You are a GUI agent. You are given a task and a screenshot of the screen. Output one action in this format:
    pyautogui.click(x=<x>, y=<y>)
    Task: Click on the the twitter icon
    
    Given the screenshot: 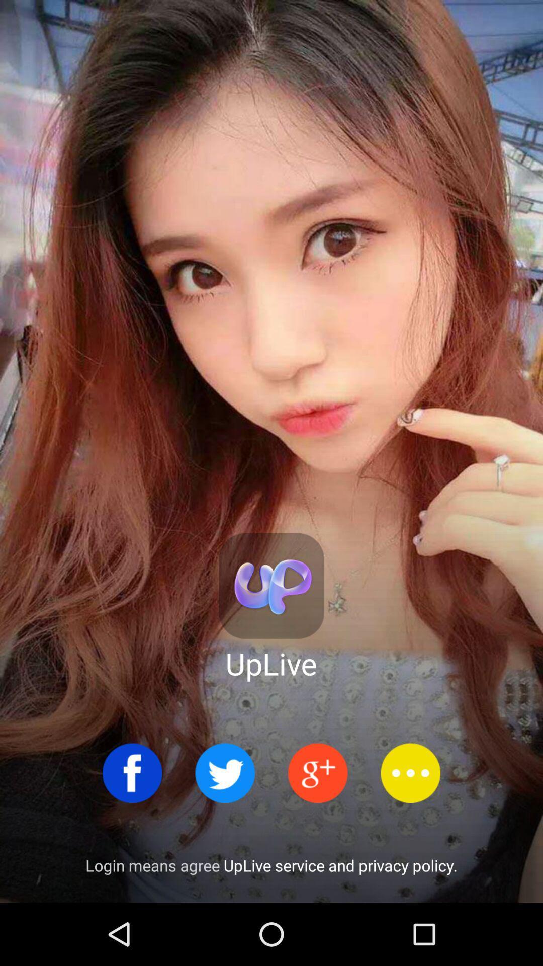 What is the action you would take?
    pyautogui.click(x=224, y=772)
    